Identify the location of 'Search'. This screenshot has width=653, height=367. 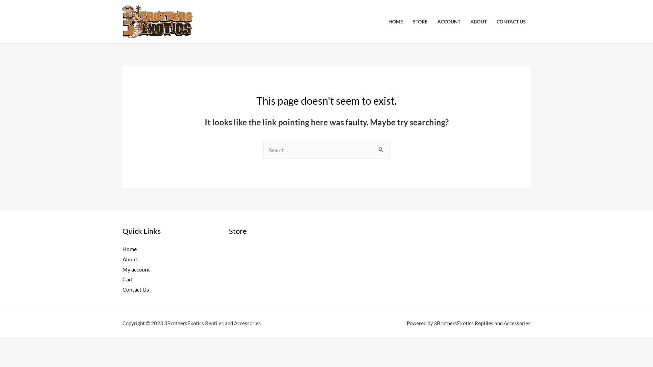
(373, 147).